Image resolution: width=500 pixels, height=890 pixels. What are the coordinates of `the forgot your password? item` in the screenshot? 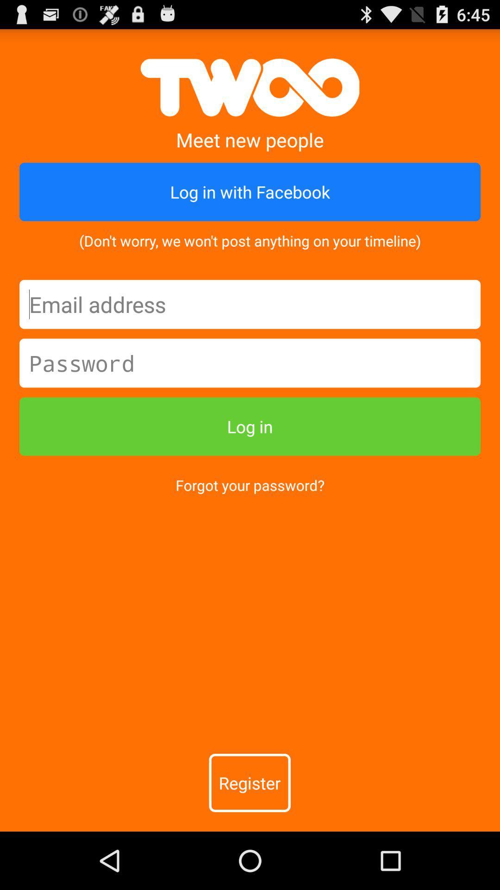 It's located at (250, 484).